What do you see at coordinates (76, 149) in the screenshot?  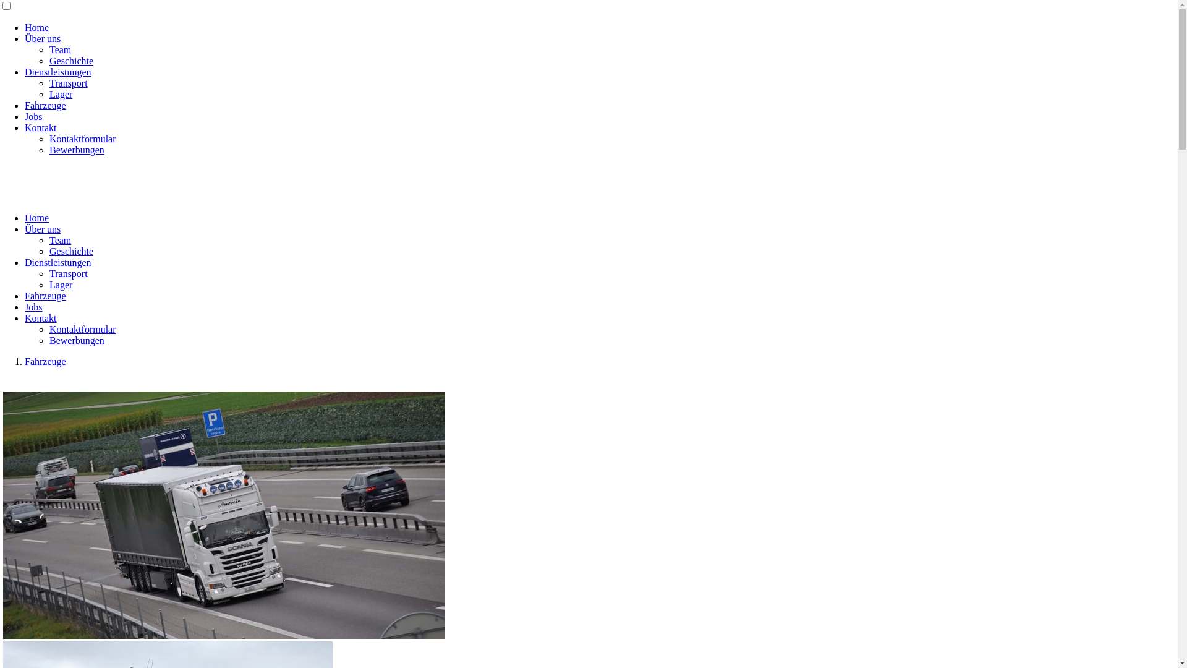 I see `'Bewerbungen'` at bounding box center [76, 149].